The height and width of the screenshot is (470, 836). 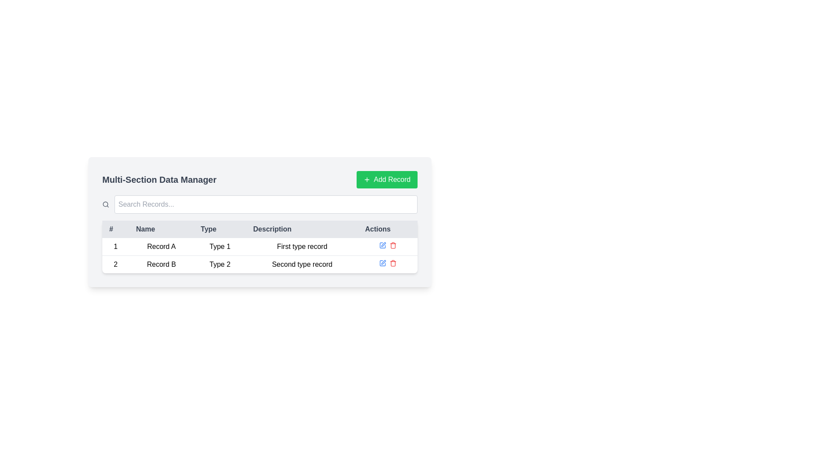 I want to click on the empty table cell in the 'Actions' column of the first row, adjacent to the blue pencil icon and red trash bin icon, related to 'Record A' of 'Type 1', so click(x=387, y=247).